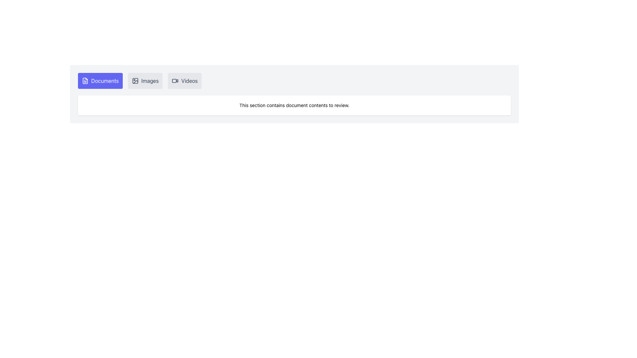 This screenshot has height=358, width=637. Describe the element at coordinates (135, 80) in the screenshot. I see `the 'Images' tab icon located in the middle of the horizontal navigation bar` at that location.